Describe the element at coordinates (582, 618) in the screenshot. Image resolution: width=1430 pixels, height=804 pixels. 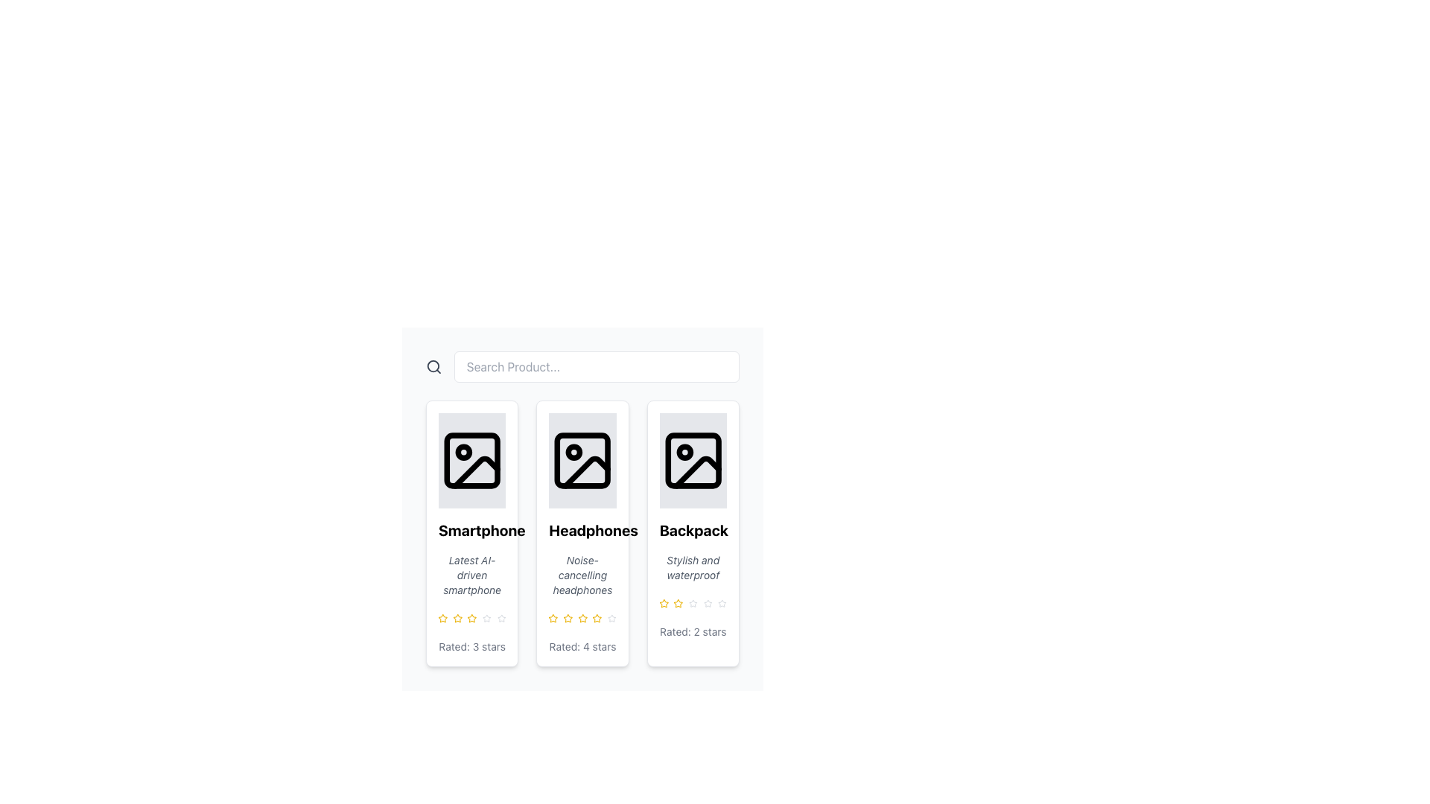
I see `the fourth yellow star icon in the rating mechanism below the 'Headphones' product card` at that location.